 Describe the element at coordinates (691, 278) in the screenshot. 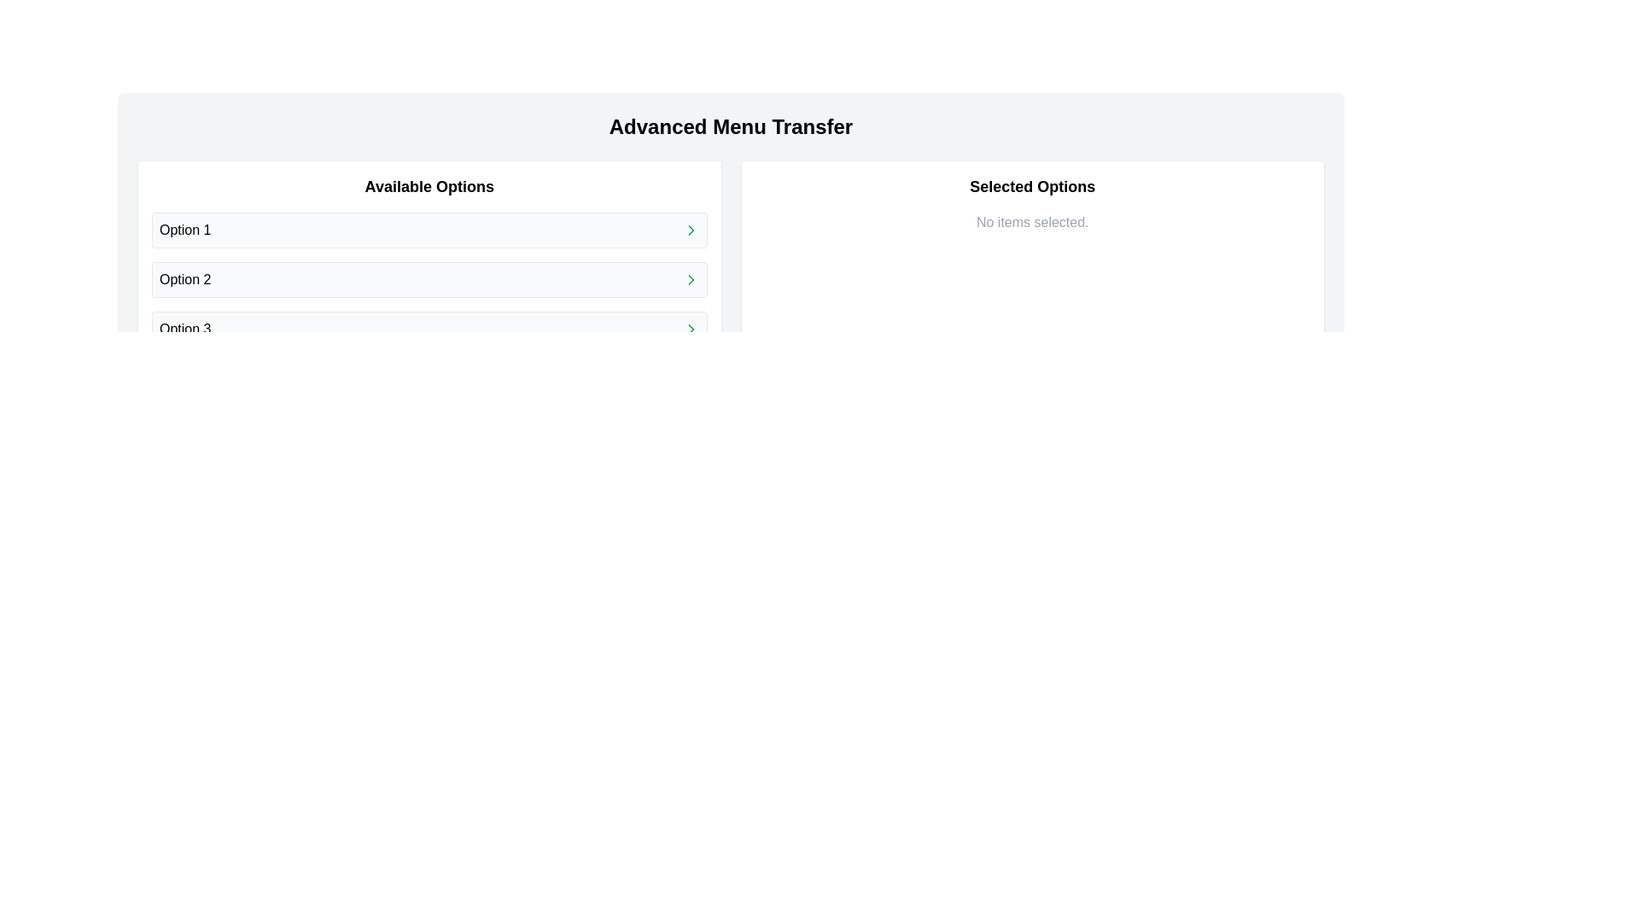

I see `the small green arrow icon button located on the right edge of the 'Option 2' box in the 'Available Options' section to initiate an action` at that location.